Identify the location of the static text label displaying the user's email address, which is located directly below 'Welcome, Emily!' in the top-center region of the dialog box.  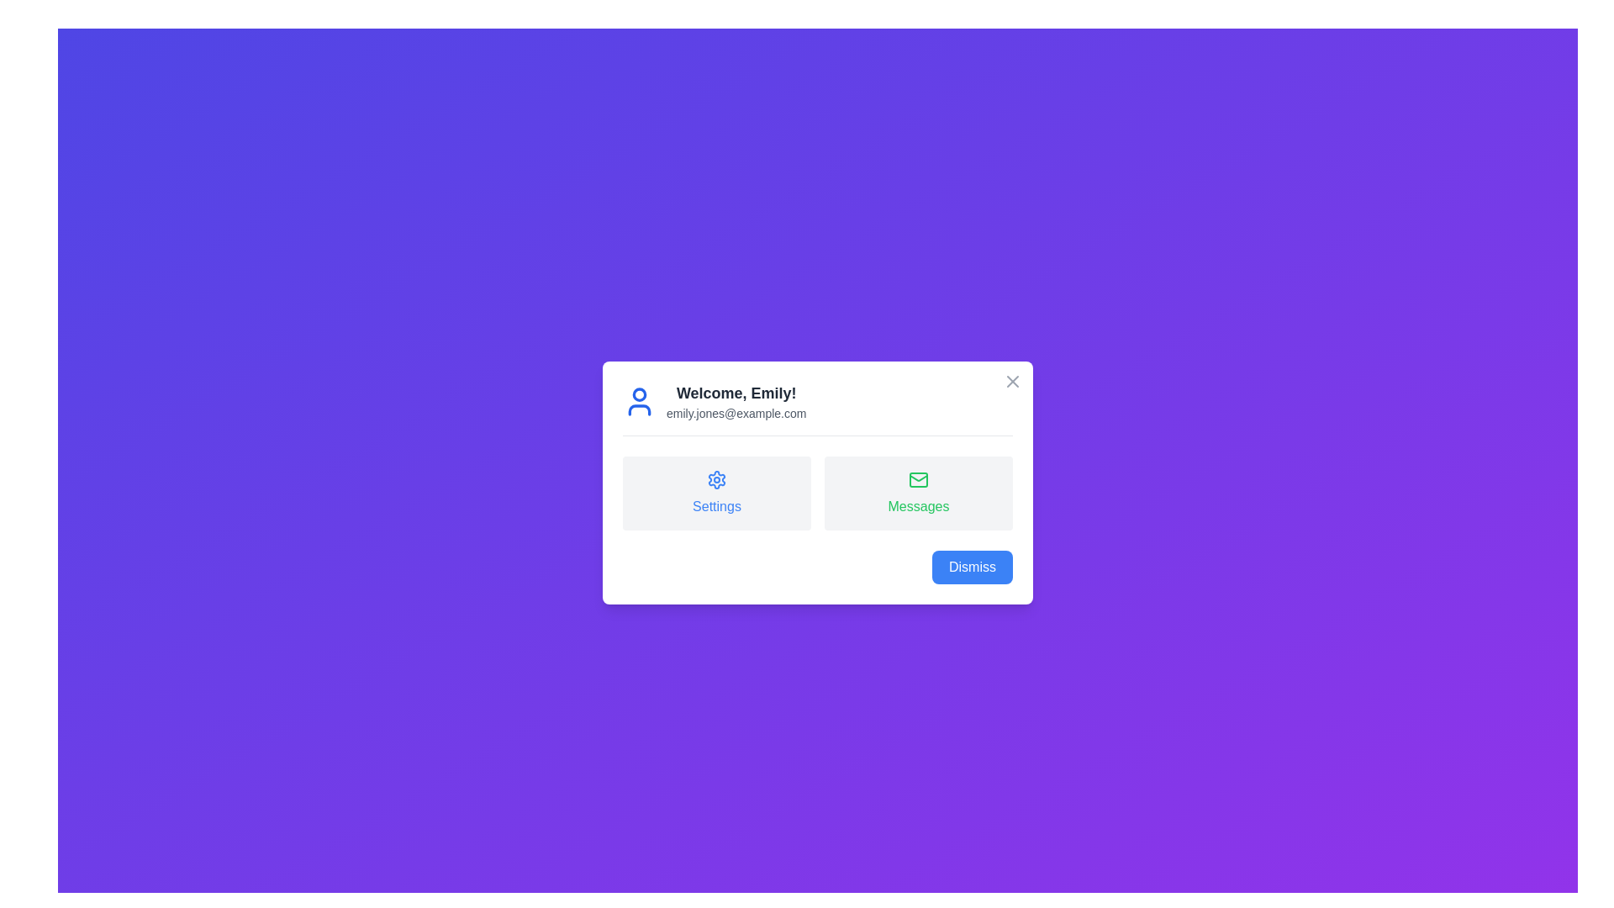
(736, 413).